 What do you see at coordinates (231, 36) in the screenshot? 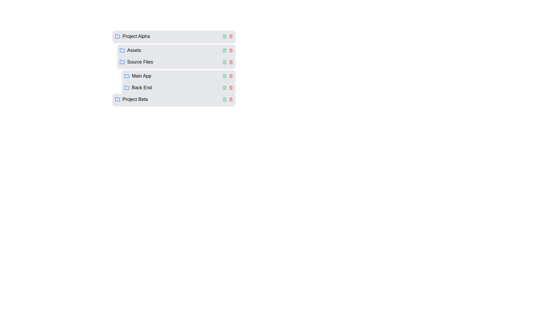
I see `the trash can icon button, which is red and positioned to the right of 'Project Alpha'` at bounding box center [231, 36].